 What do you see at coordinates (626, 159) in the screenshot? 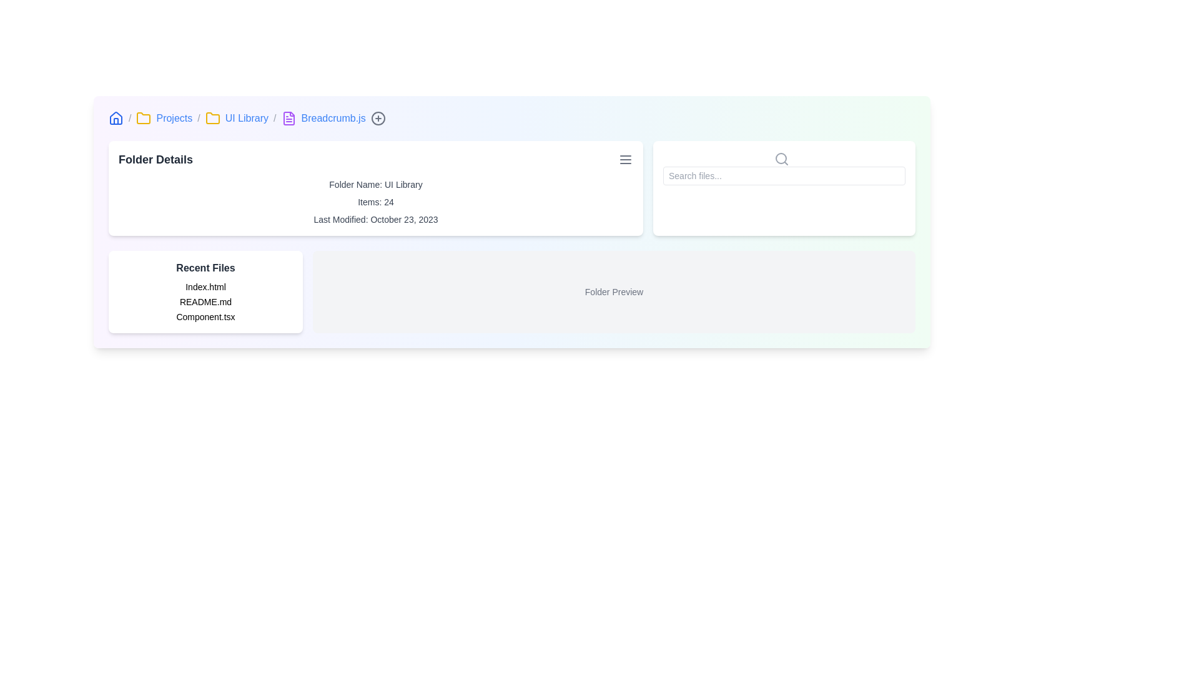
I see `the Icon button located to the far right of the 'Folder Details' header` at bounding box center [626, 159].